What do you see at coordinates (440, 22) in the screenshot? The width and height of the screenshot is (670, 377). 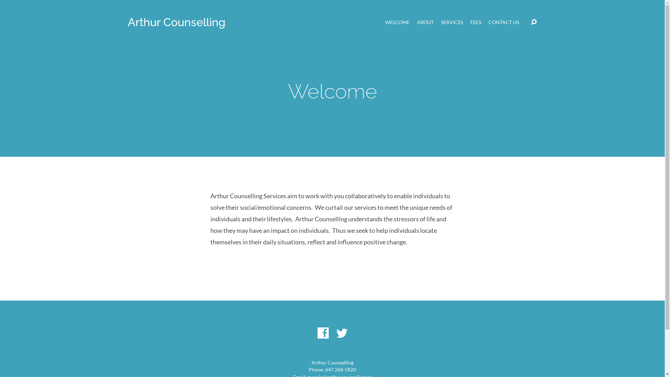 I see `'SERVICES'` at bounding box center [440, 22].